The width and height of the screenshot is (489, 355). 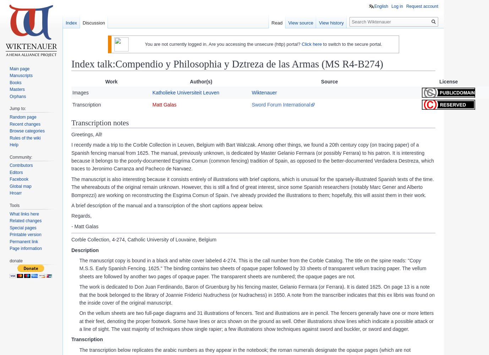 What do you see at coordinates (257, 294) in the screenshot?
I see `'The work is dedicated to Don Juan Ferdinando, Baron of Gruenburg by his fencing master, Gelanio Fermara (or Ferrara). It is dated 1625. On page 13 is a note that the book belonged to the library of Joannie Friderici Nudruchess (or Nudrachess) in 1650. A note from the transcriber indicates that this ex libris was found on the inside cover of the original manuscript.'` at bounding box center [257, 294].